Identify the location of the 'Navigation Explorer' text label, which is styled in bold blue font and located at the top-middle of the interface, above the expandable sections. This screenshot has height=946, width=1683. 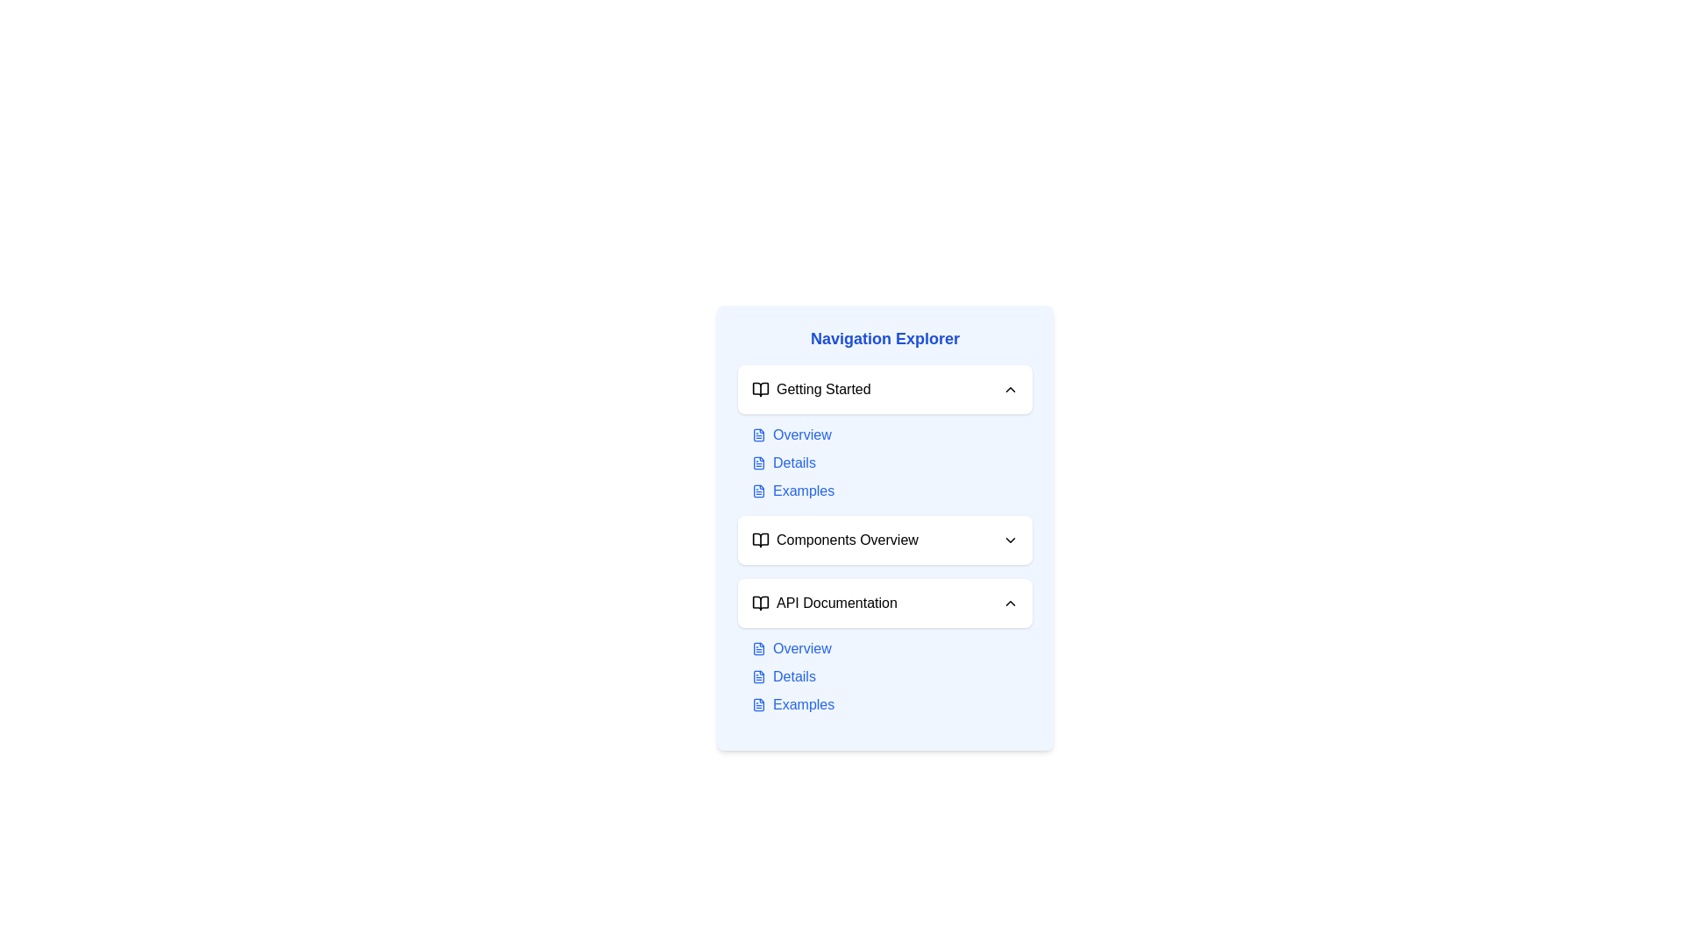
(884, 338).